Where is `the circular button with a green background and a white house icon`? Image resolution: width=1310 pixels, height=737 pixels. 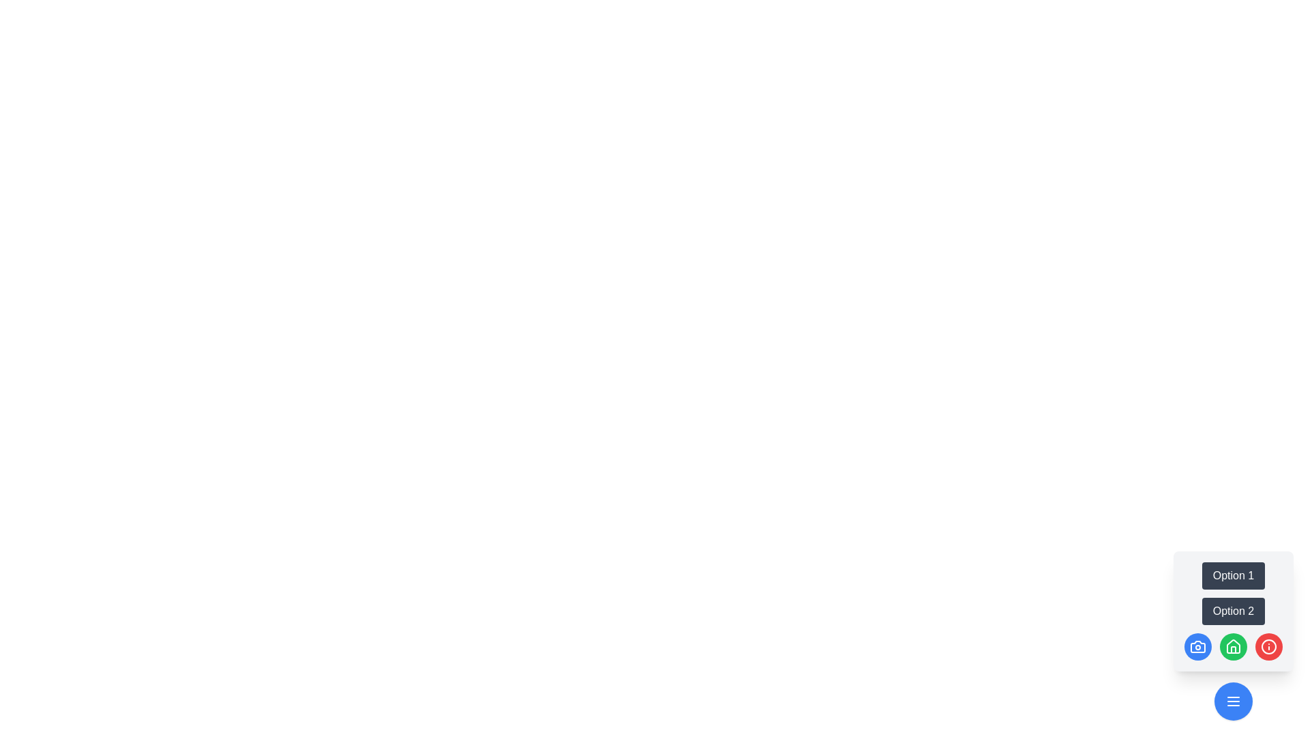 the circular button with a green background and a white house icon is located at coordinates (1234, 646).